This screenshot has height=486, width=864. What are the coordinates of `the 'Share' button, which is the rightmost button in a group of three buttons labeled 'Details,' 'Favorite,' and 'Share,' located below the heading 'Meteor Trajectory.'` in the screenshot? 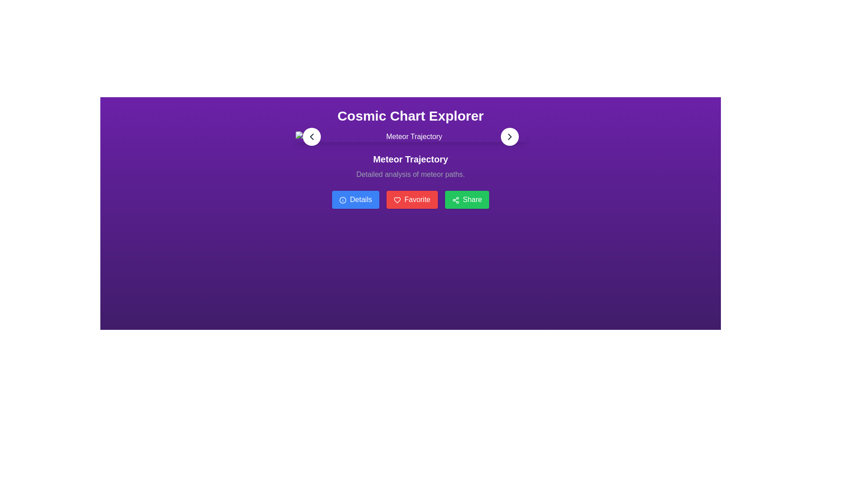 It's located at (467, 199).